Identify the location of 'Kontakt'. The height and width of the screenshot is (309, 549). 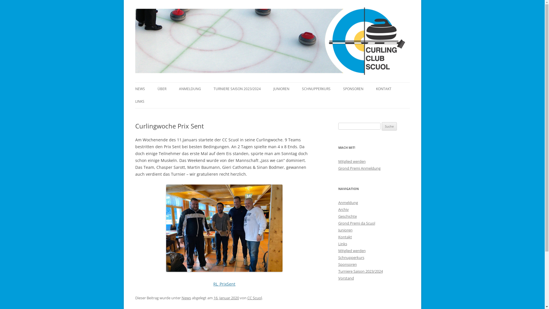
(344, 237).